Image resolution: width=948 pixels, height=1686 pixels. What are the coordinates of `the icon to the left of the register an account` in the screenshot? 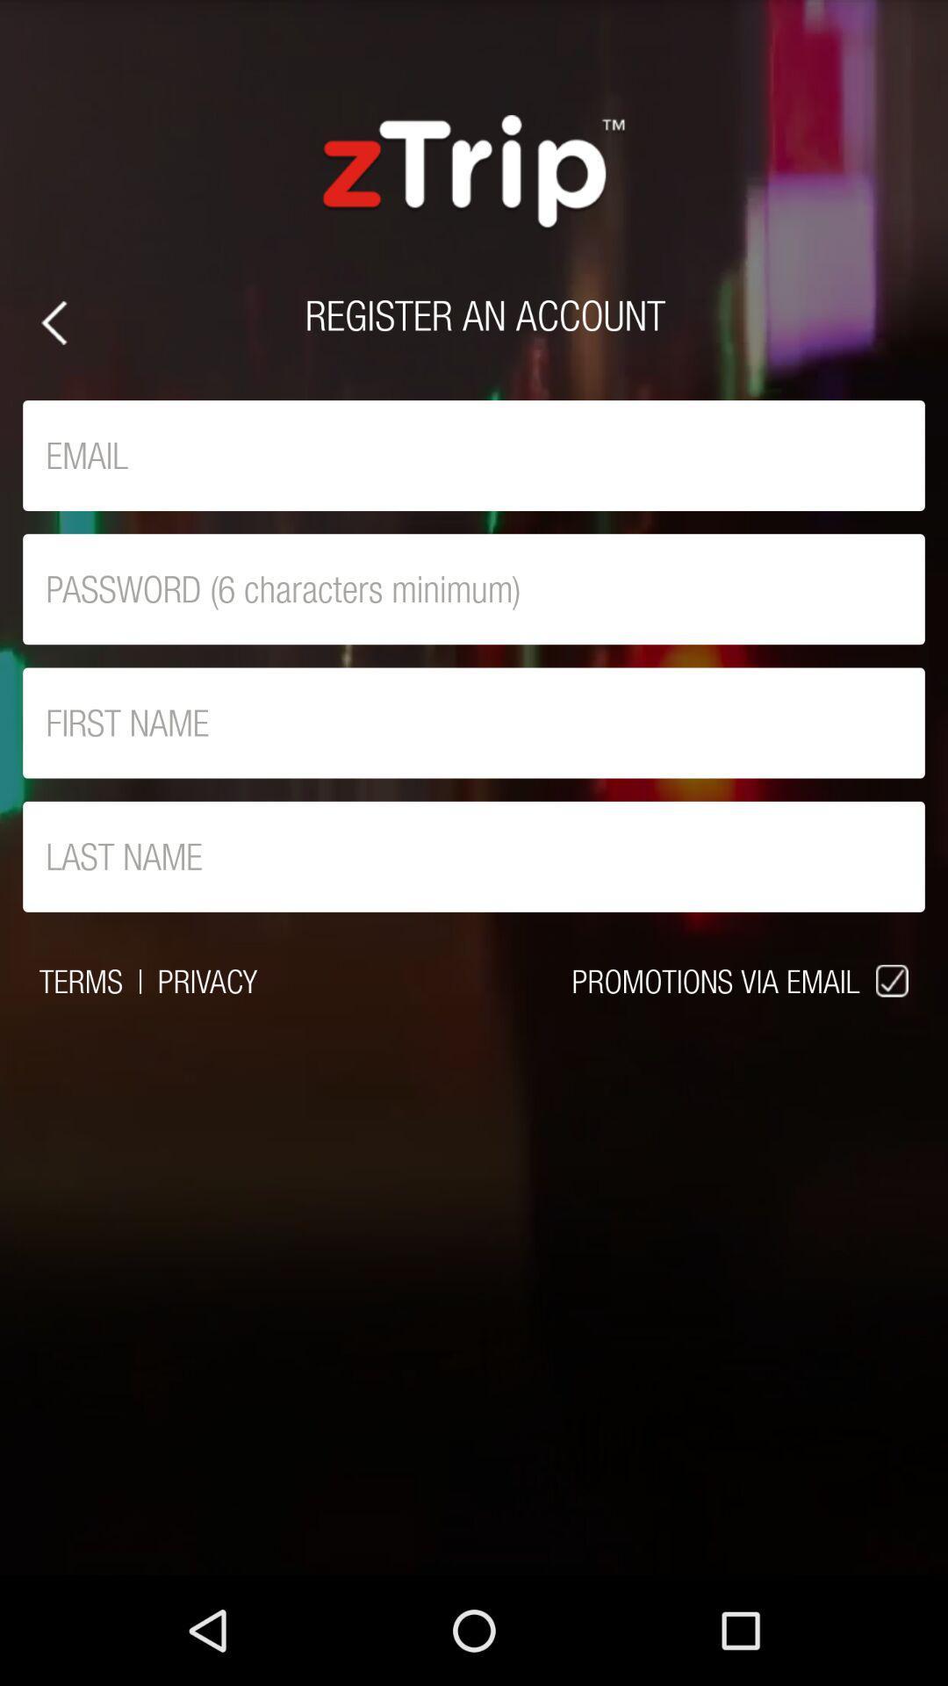 It's located at (53, 322).